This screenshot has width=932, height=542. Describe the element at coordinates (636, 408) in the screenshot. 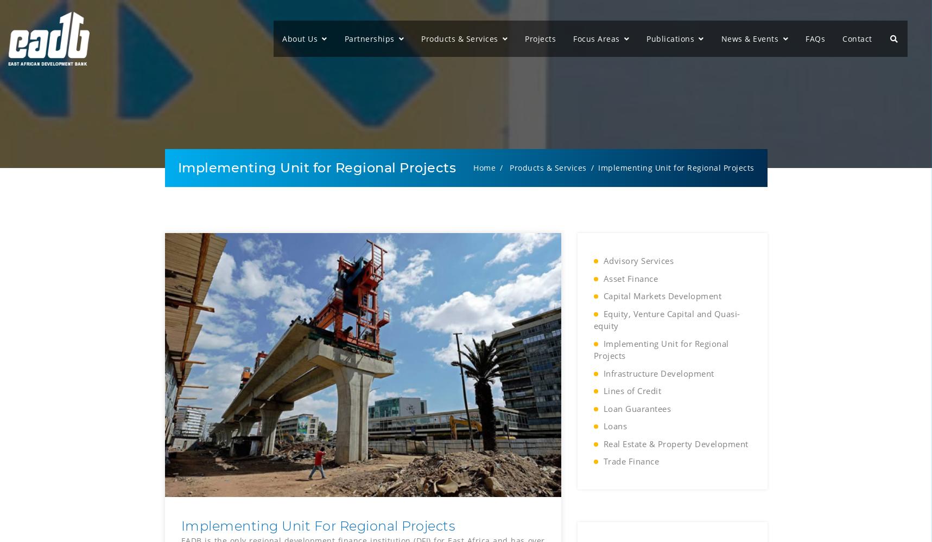

I see `'Loan Guarantees'` at that location.